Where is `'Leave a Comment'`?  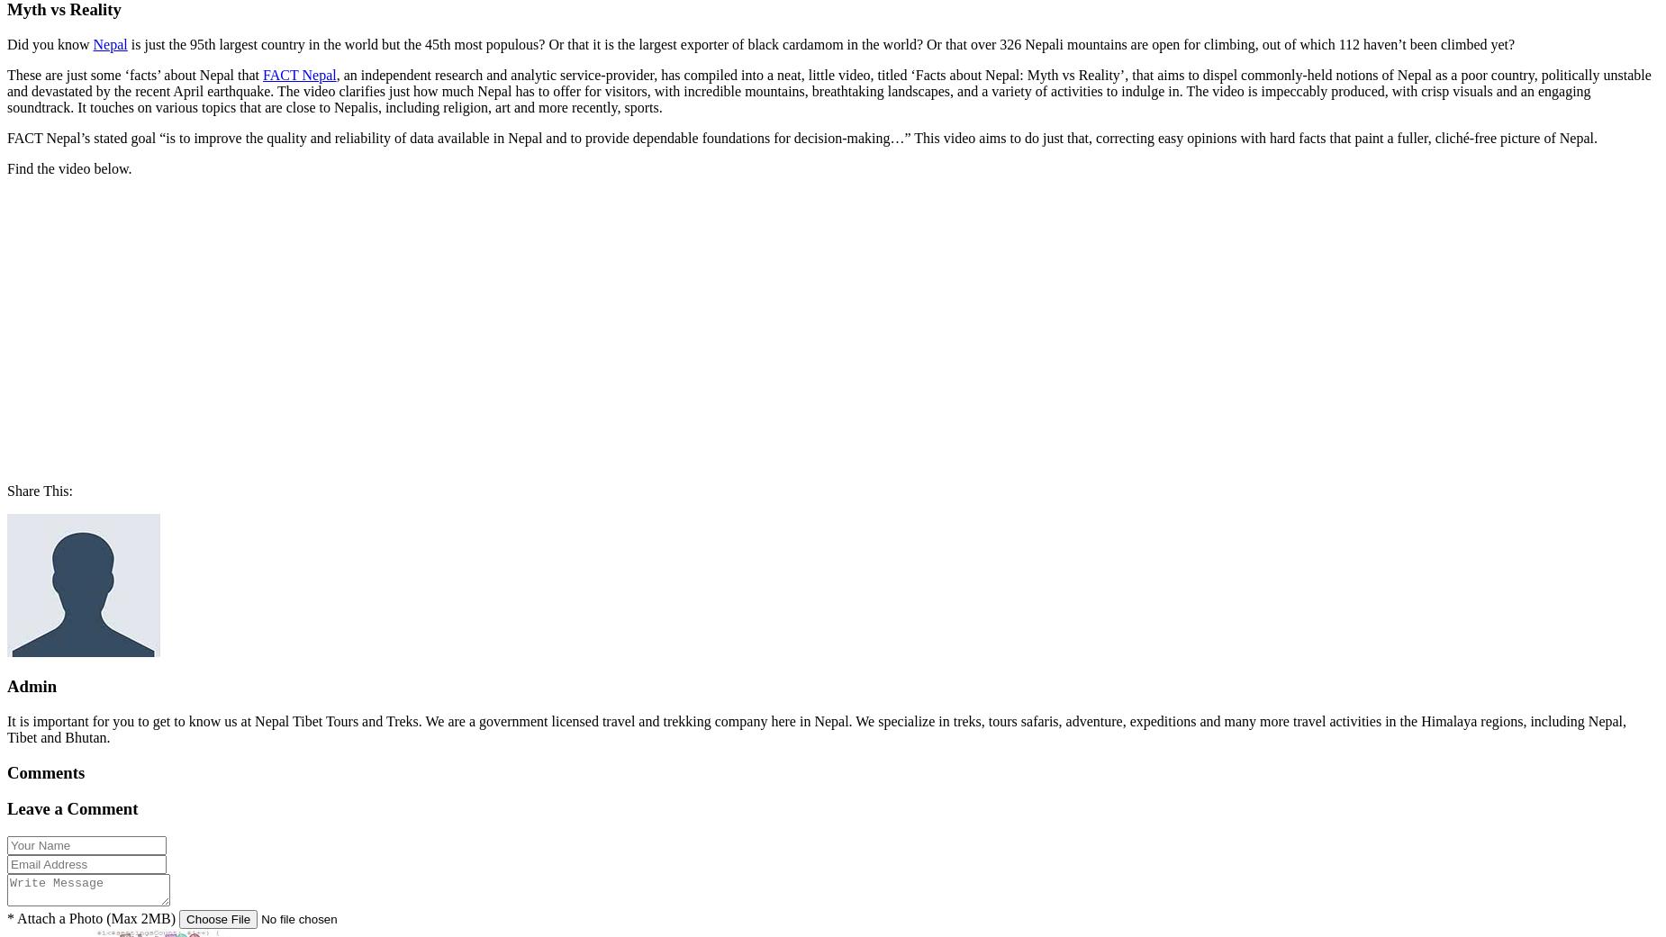
'Leave a Comment' is located at coordinates (71, 807).